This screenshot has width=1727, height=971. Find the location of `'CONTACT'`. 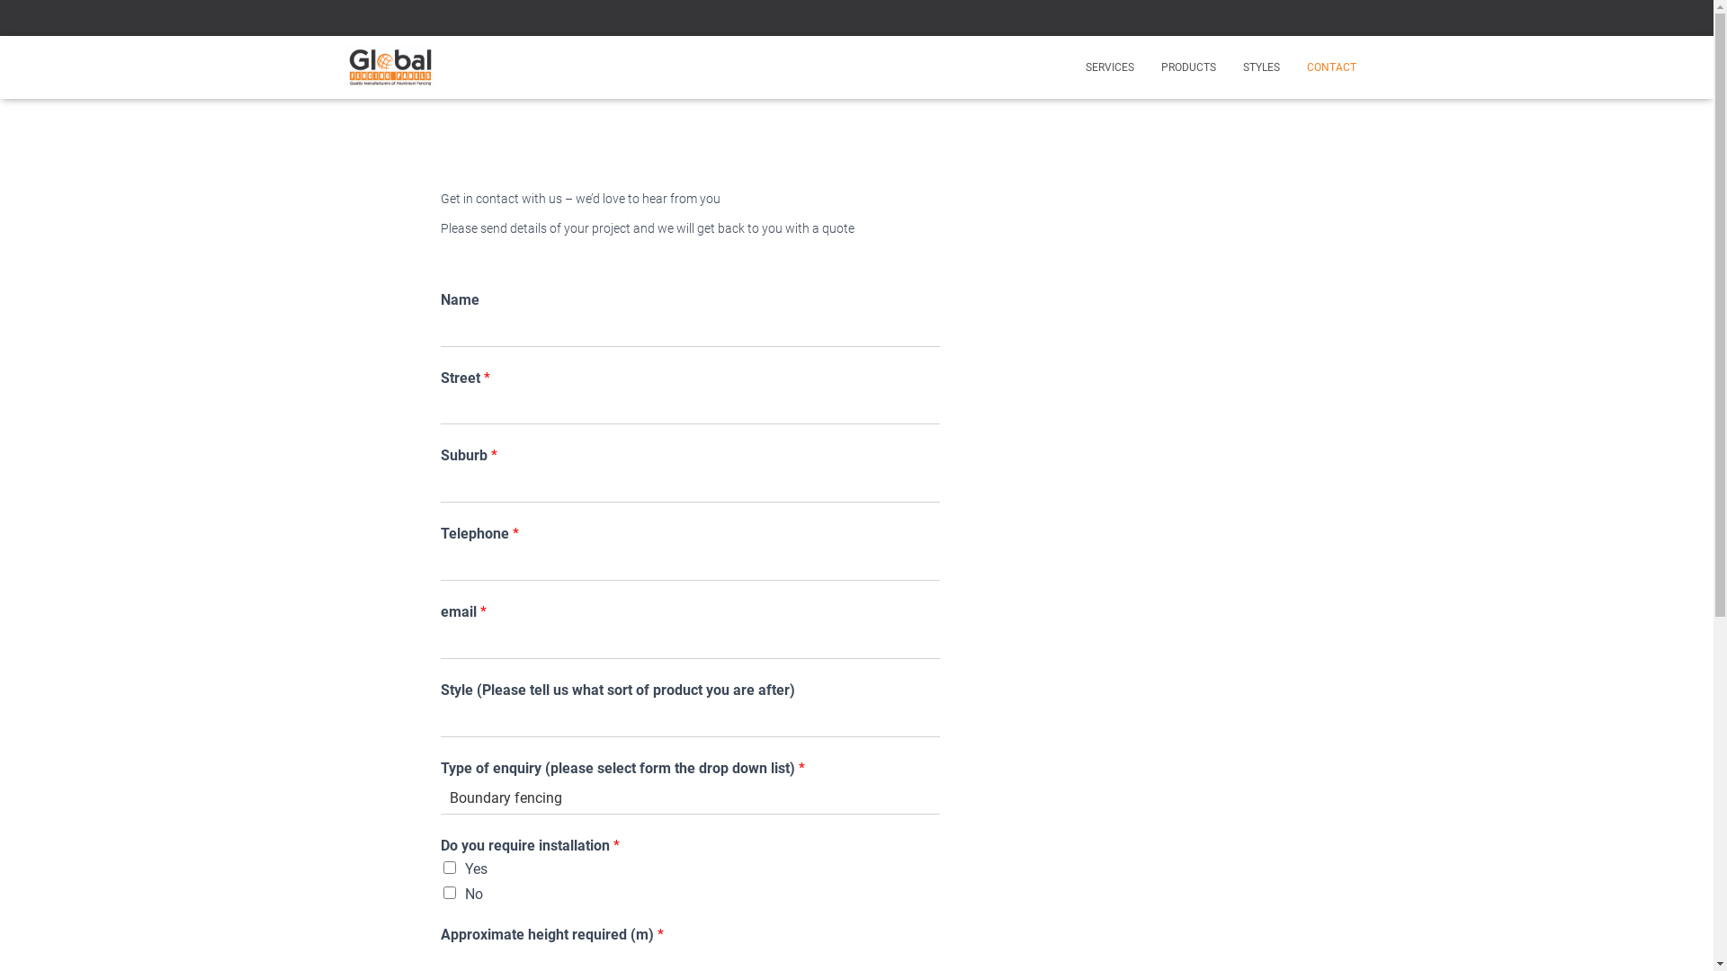

'CONTACT' is located at coordinates (1331, 66).